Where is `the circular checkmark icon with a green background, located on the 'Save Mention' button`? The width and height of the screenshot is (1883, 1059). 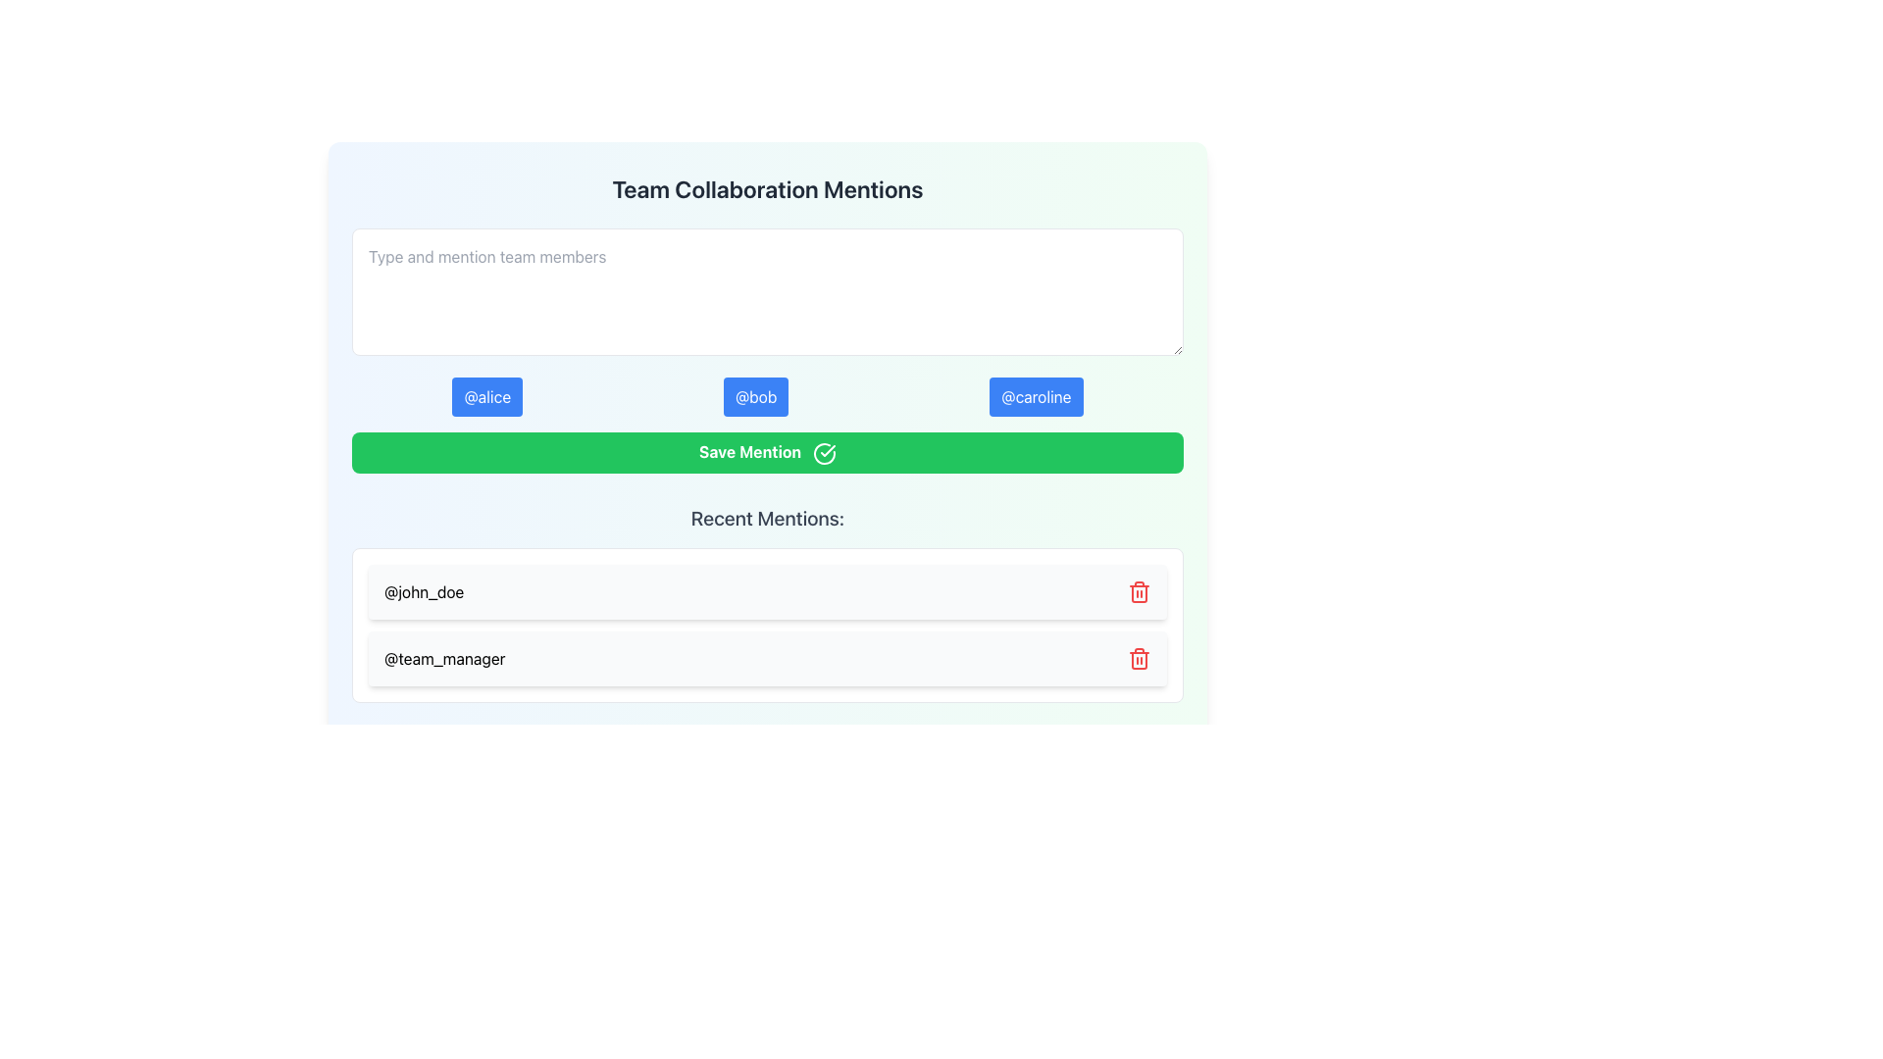
the circular checkmark icon with a green background, located on the 'Save Mention' button is located at coordinates (824, 453).